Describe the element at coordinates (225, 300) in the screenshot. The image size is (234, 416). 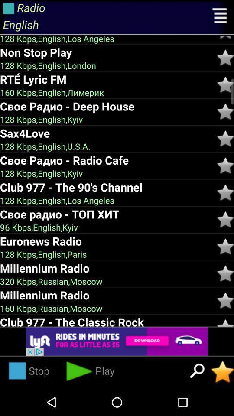
I see `booklist the song` at that location.